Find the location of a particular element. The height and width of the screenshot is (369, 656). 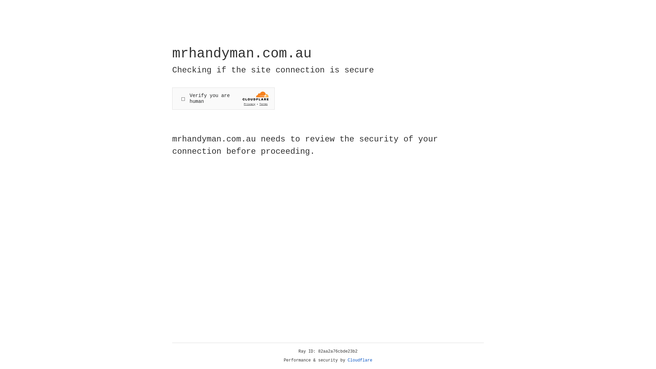

'Cloudflare' is located at coordinates (360, 360).